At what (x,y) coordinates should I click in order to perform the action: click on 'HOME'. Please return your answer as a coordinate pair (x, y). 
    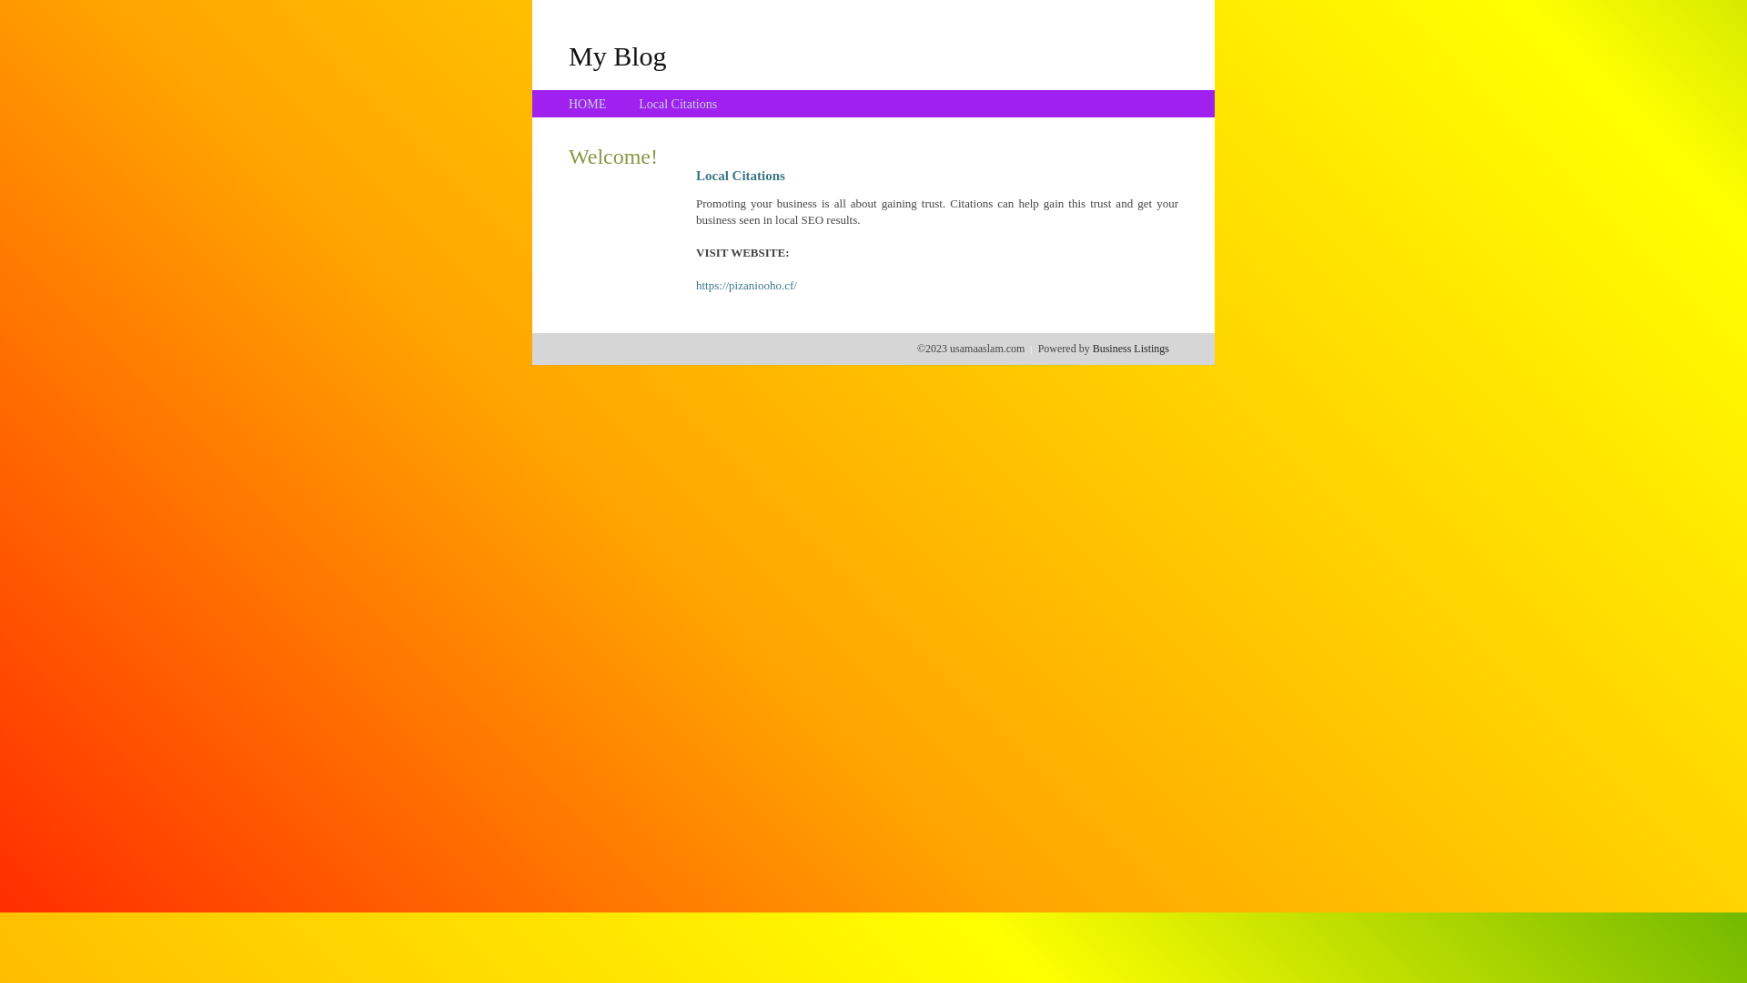
    Looking at the image, I should click on (587, 104).